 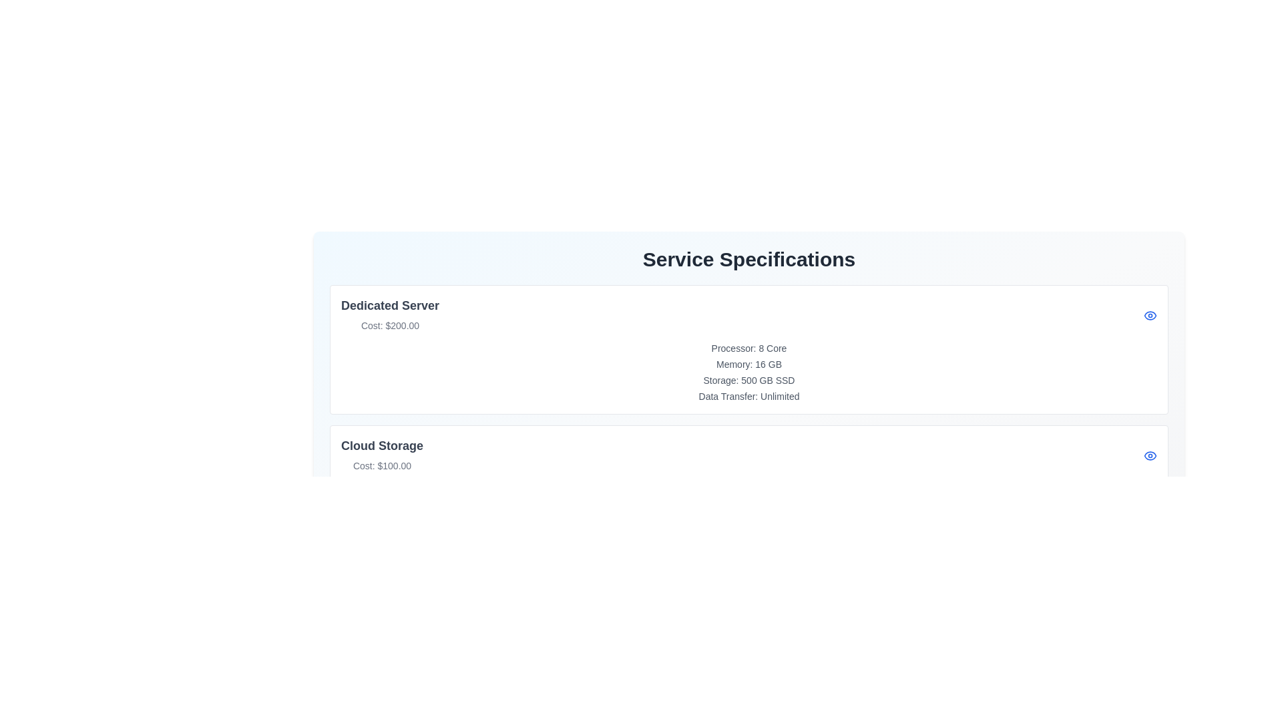 What do you see at coordinates (389, 306) in the screenshot?
I see `the text label 'Dedicated Server' to trigger additional styling effects, which serves as a title for the associated item in the service specifications section` at bounding box center [389, 306].